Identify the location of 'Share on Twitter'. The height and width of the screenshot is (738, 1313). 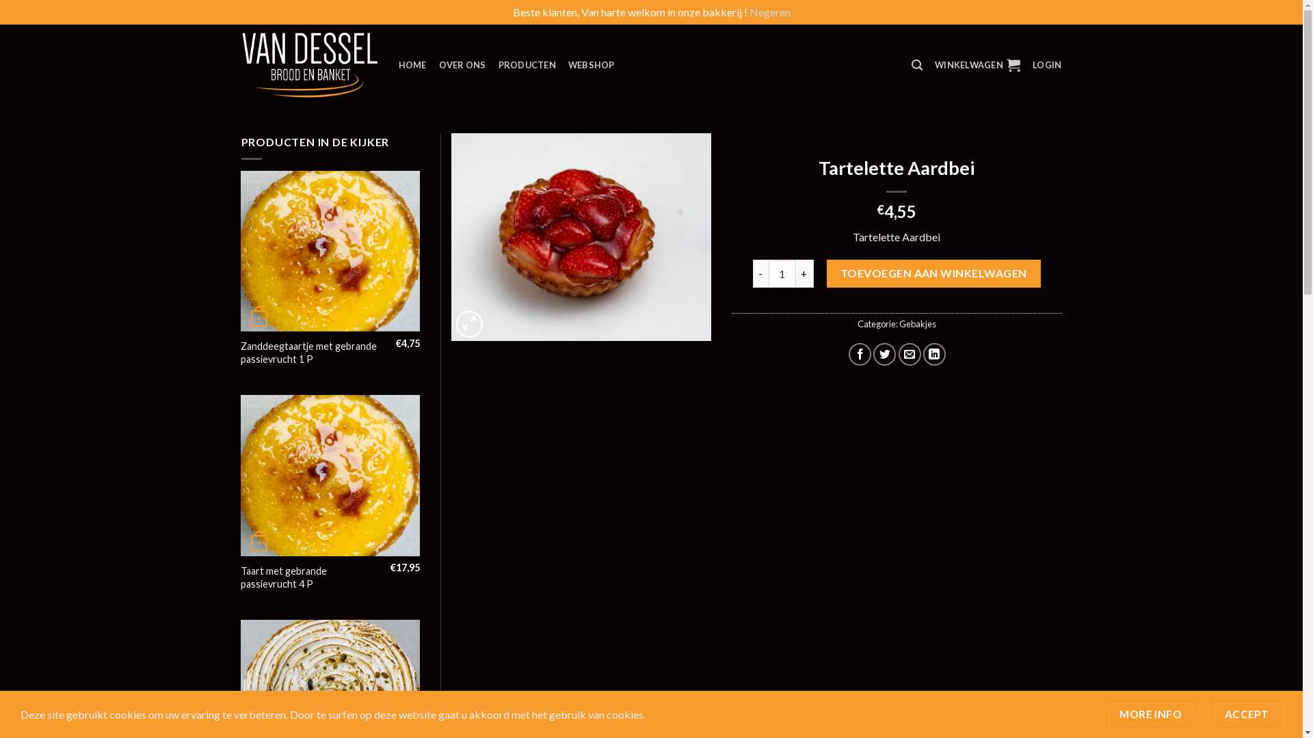
(884, 353).